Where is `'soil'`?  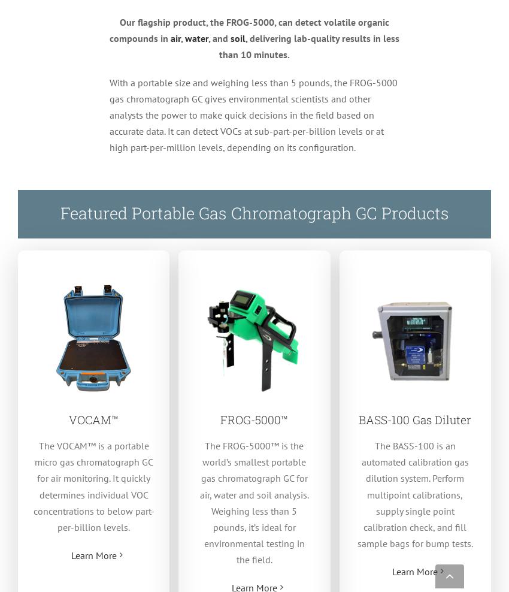
'soil' is located at coordinates (237, 38).